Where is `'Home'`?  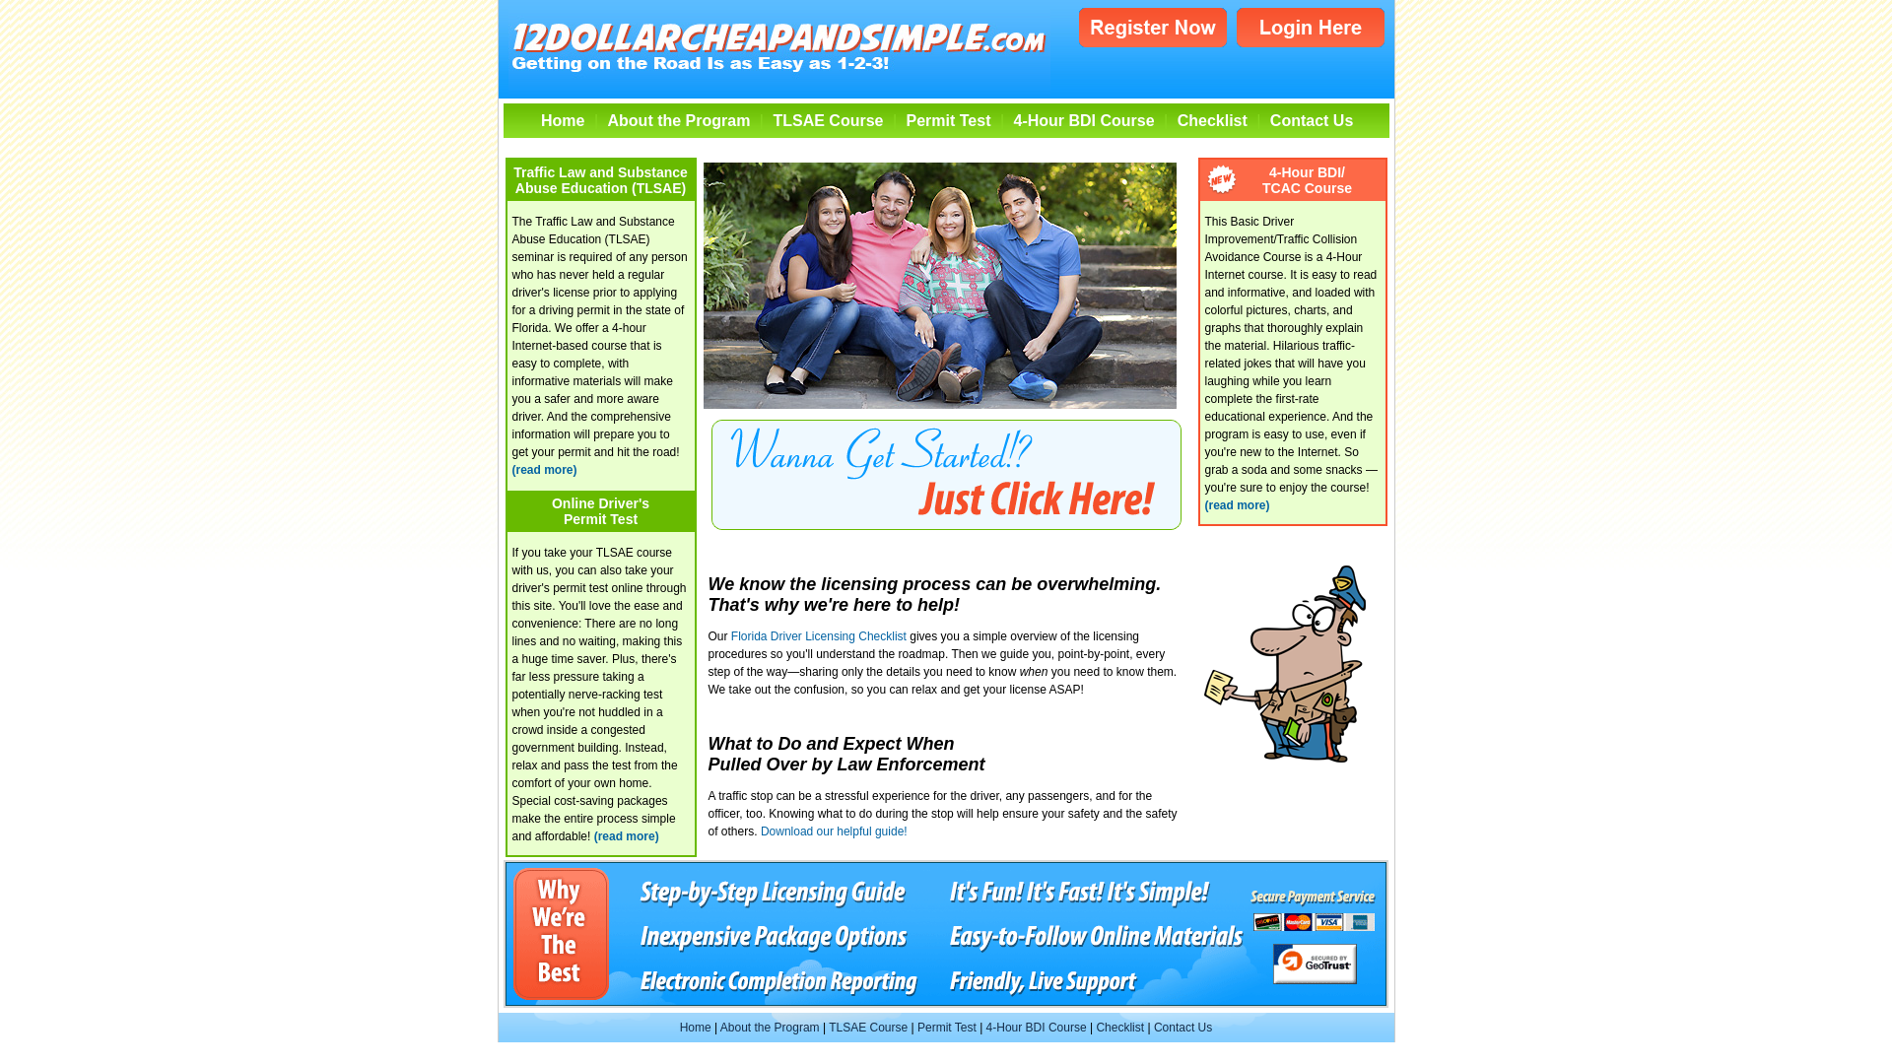
'Home' is located at coordinates (562, 120).